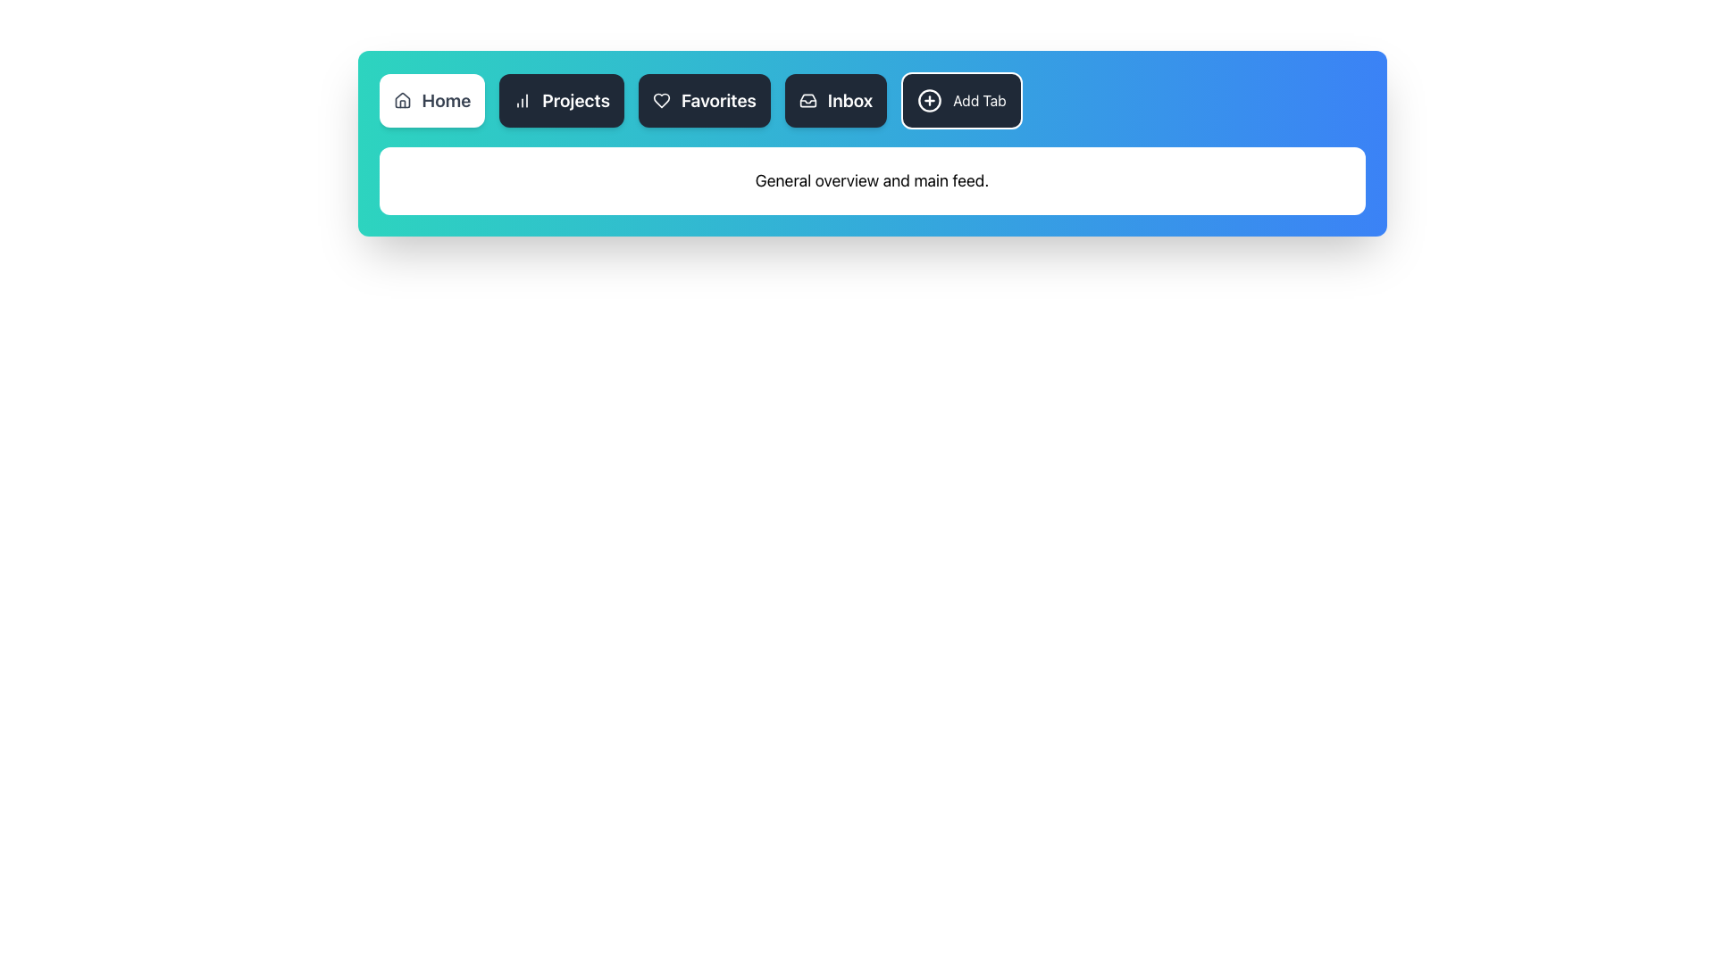  I want to click on the 'Projects' text label located in the navigation bar, so click(575, 100).